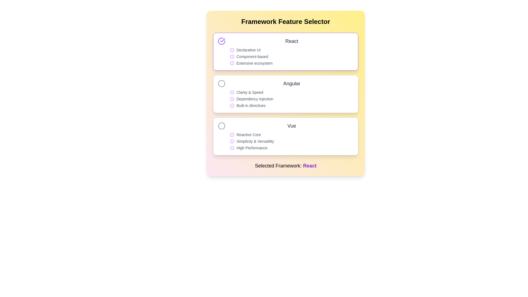  Describe the element at coordinates (232, 56) in the screenshot. I see `the purple circular icon with an 'i' symbol located in the 'React' option group, positioned to the left of the 'Component-based' text` at that location.